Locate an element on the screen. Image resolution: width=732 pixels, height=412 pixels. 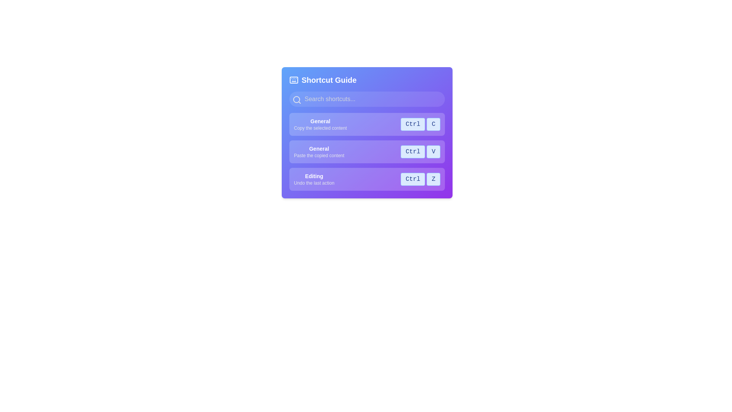
the button-like component labeled 'Ctrl' with a light blue background, located to the left of the 'V' component in the keyboard shortcuts interface is located at coordinates (413, 151).